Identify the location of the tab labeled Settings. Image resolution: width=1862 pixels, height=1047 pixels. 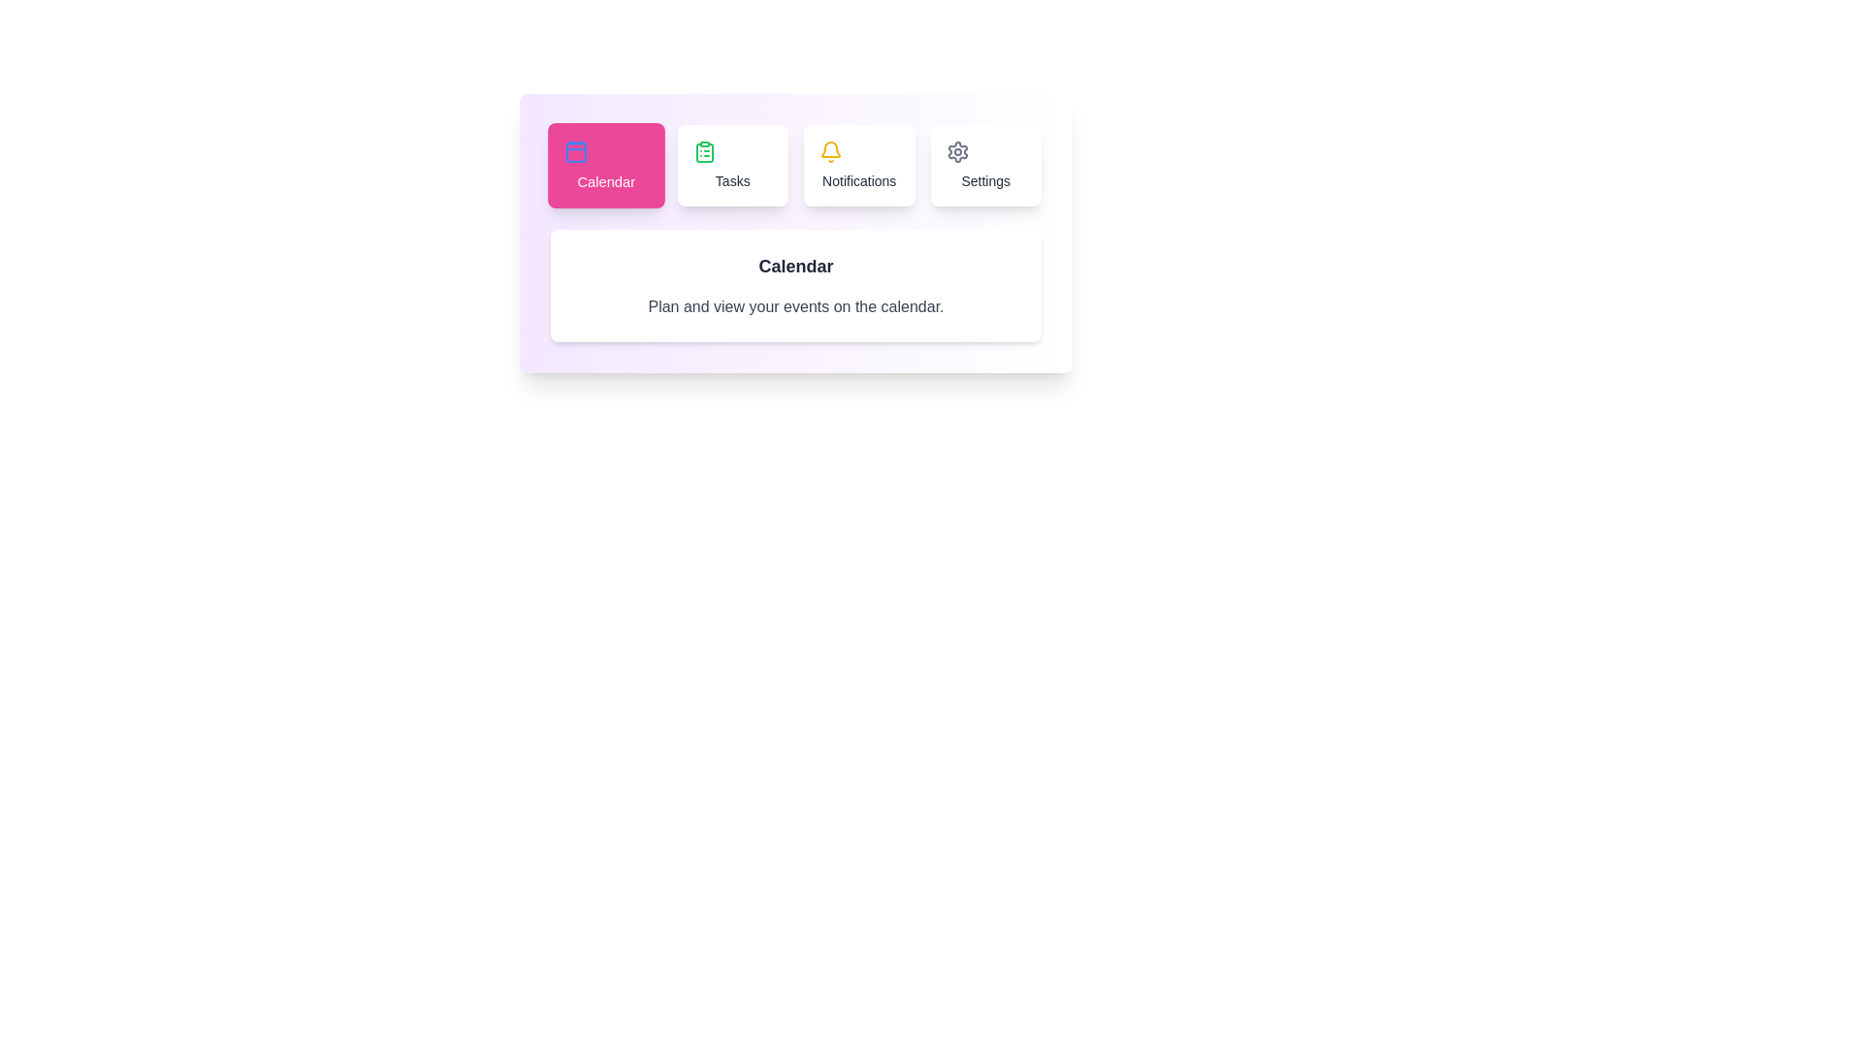
(985, 164).